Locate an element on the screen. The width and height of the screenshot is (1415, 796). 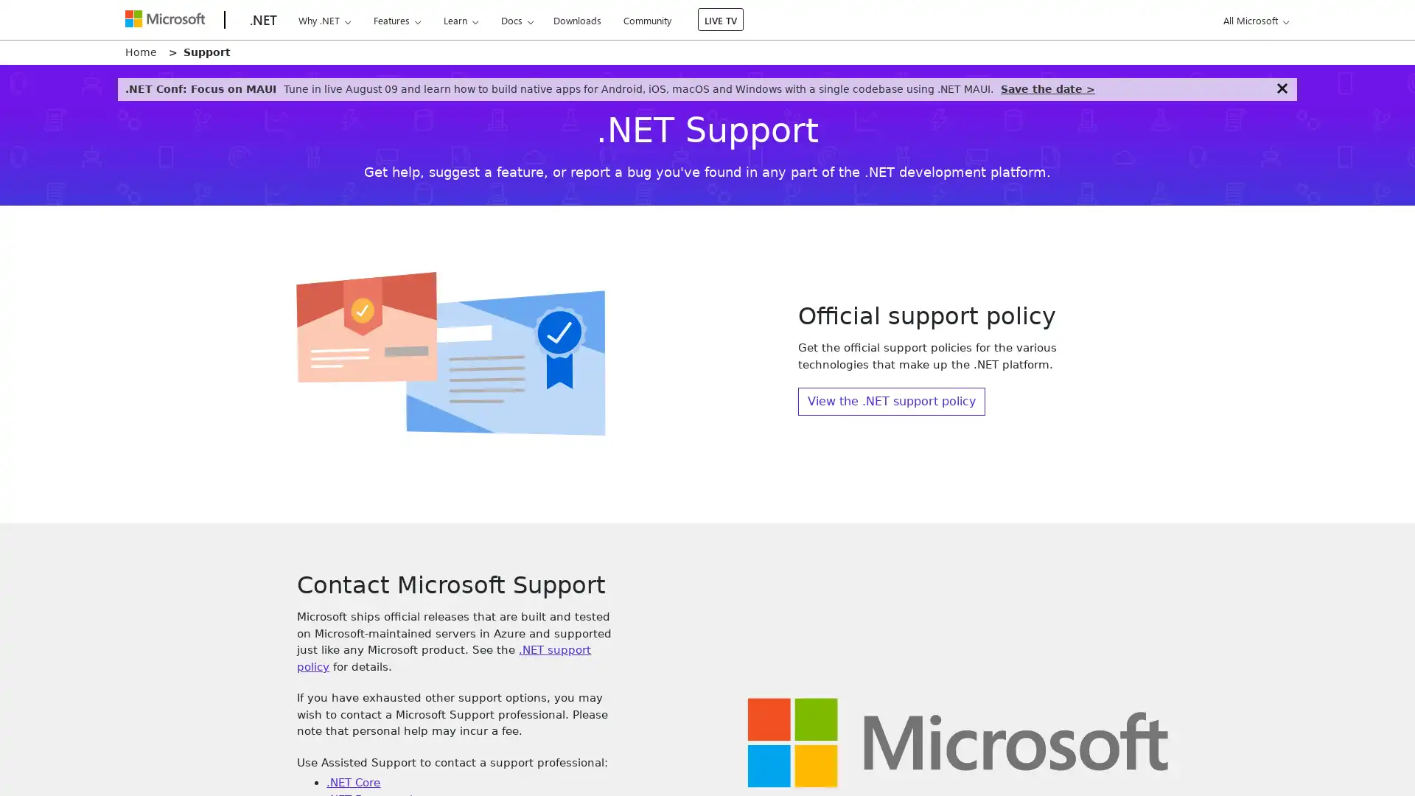
Learn is located at coordinates (459, 20).